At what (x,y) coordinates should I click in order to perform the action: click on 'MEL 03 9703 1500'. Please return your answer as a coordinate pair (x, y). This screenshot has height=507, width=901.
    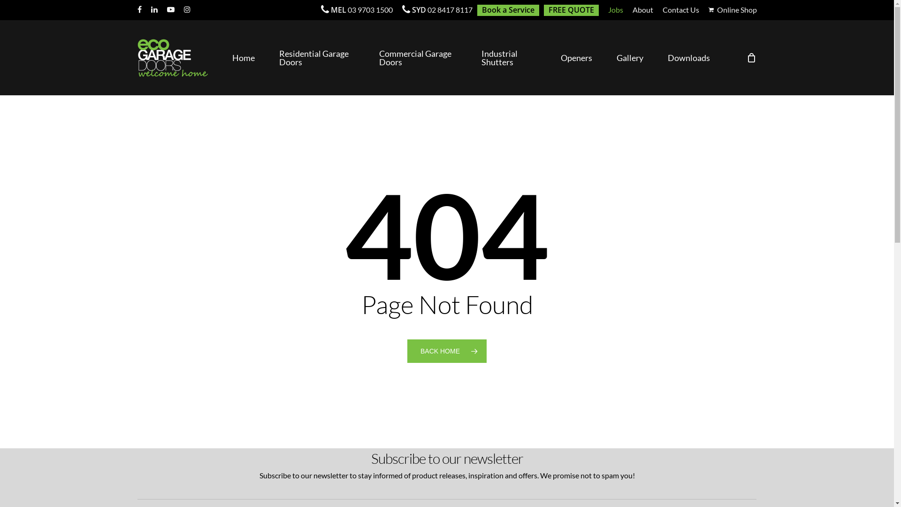
    Looking at the image, I should click on (356, 10).